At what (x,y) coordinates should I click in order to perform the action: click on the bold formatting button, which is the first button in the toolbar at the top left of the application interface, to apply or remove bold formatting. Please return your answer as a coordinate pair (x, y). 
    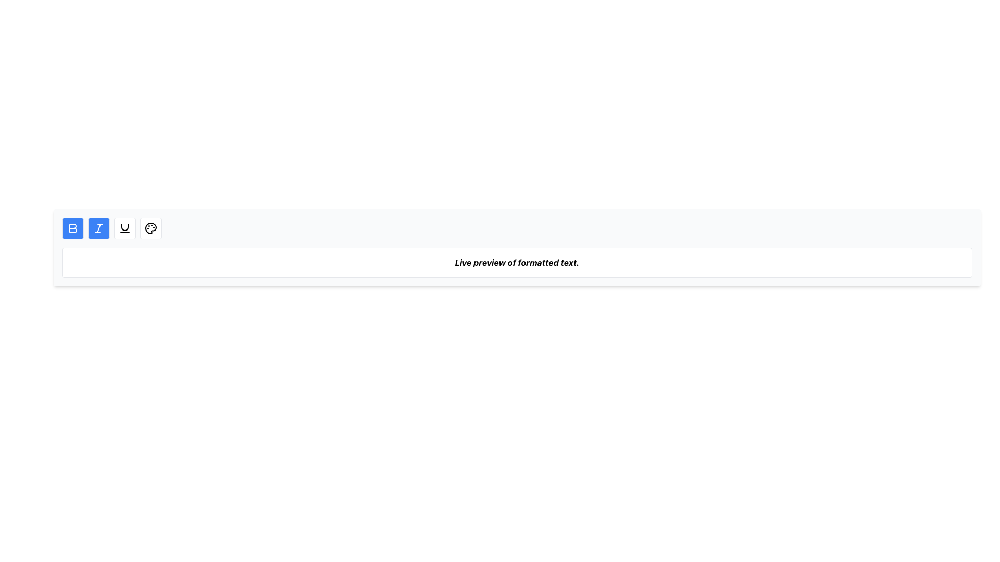
    Looking at the image, I should click on (72, 228).